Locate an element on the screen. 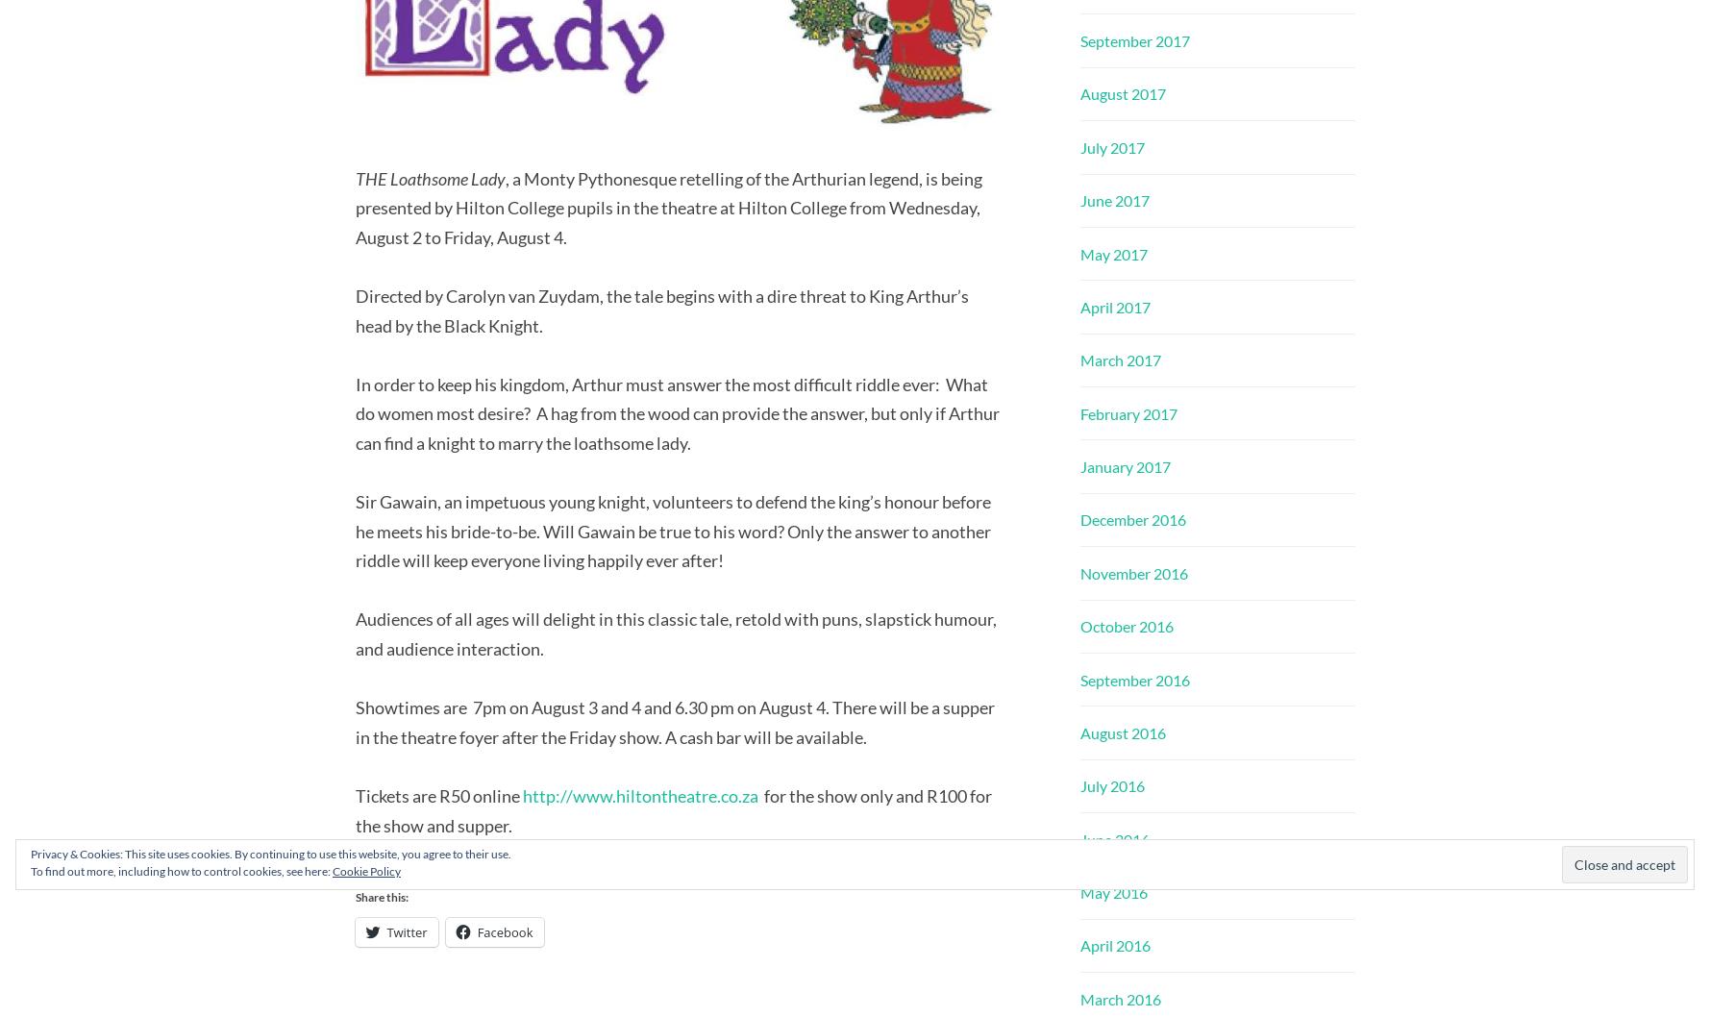  'October 2016' is located at coordinates (1079, 625).